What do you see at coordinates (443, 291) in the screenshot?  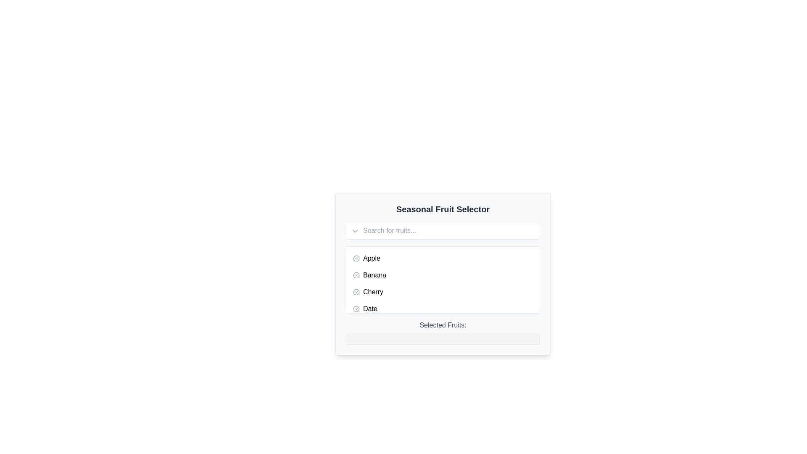 I see `the selectable list item labeled 'Cherry', which is the third item in the fruit list` at bounding box center [443, 291].